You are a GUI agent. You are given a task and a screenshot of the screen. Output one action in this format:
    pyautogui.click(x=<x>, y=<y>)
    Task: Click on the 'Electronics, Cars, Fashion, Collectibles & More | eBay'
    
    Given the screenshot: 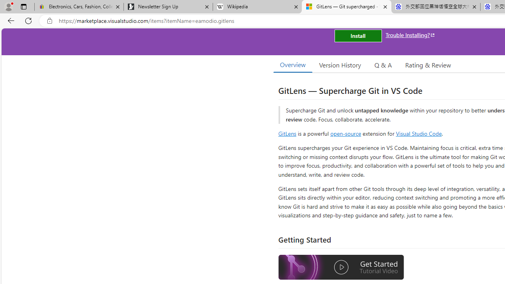 What is the action you would take?
    pyautogui.click(x=79, y=7)
    